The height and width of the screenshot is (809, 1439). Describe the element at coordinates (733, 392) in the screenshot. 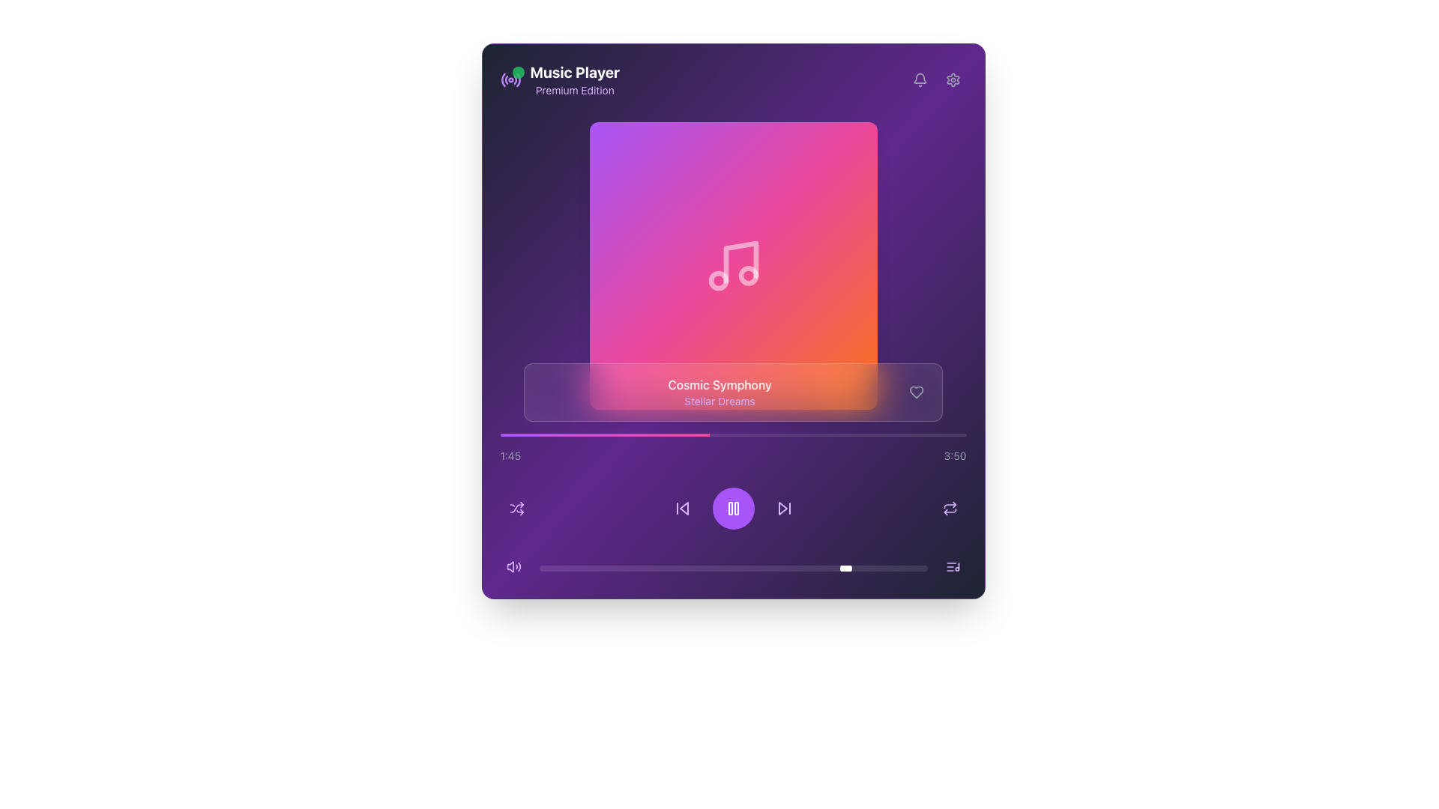

I see `displayed information from the informational display panel for track details, which shows the currently playing music track's title and subtitle, located at the bottom center of the interface` at that location.